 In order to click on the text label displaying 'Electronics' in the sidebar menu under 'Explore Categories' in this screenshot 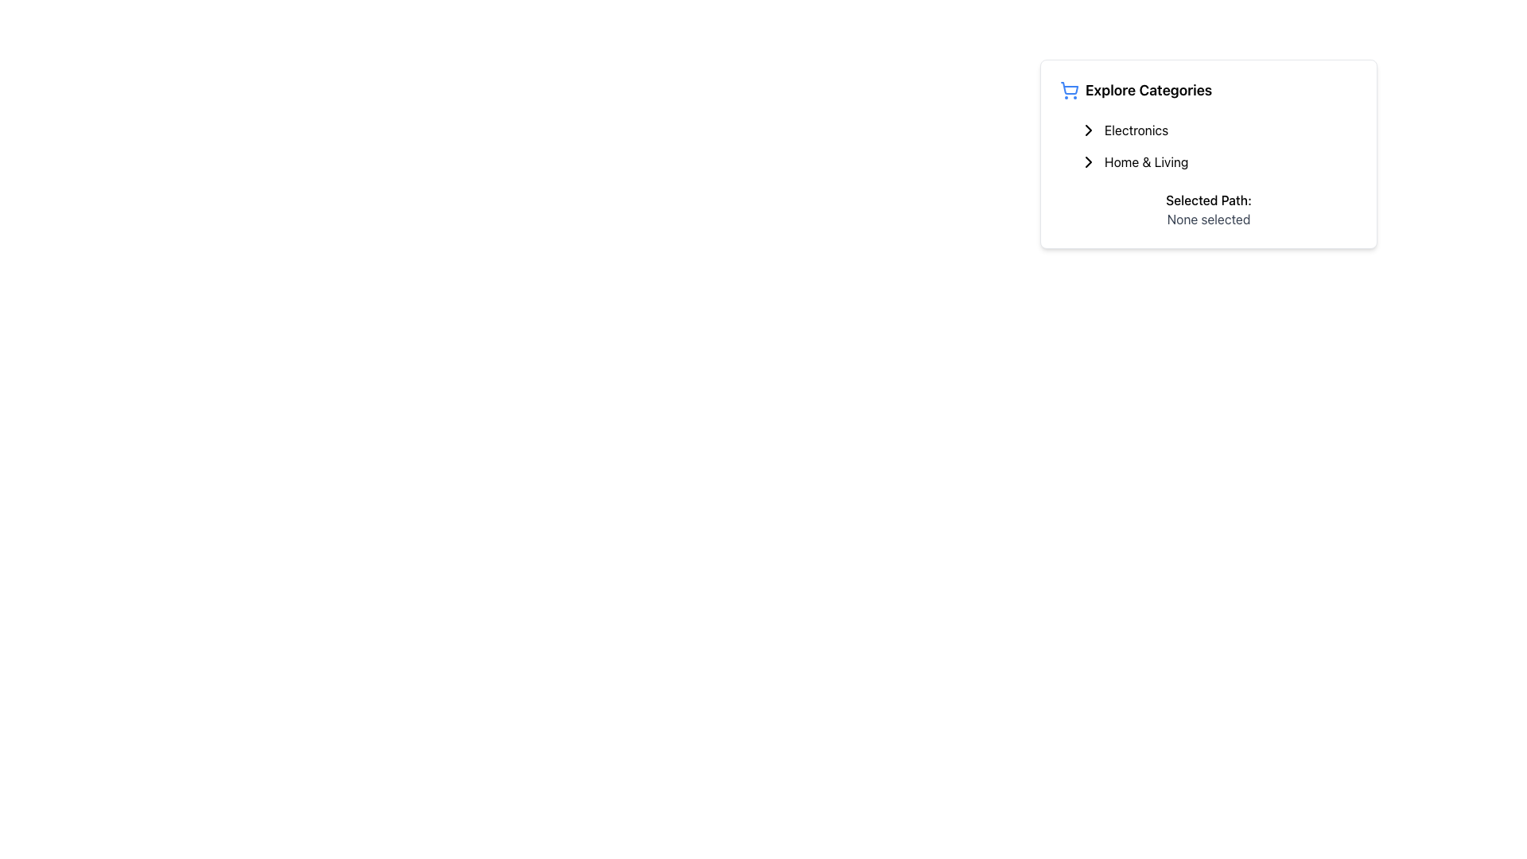, I will do `click(1136, 130)`.